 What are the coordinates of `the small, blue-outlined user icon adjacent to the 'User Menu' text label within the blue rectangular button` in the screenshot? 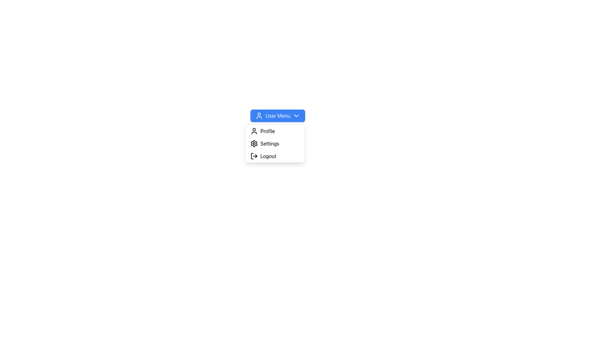 It's located at (259, 116).